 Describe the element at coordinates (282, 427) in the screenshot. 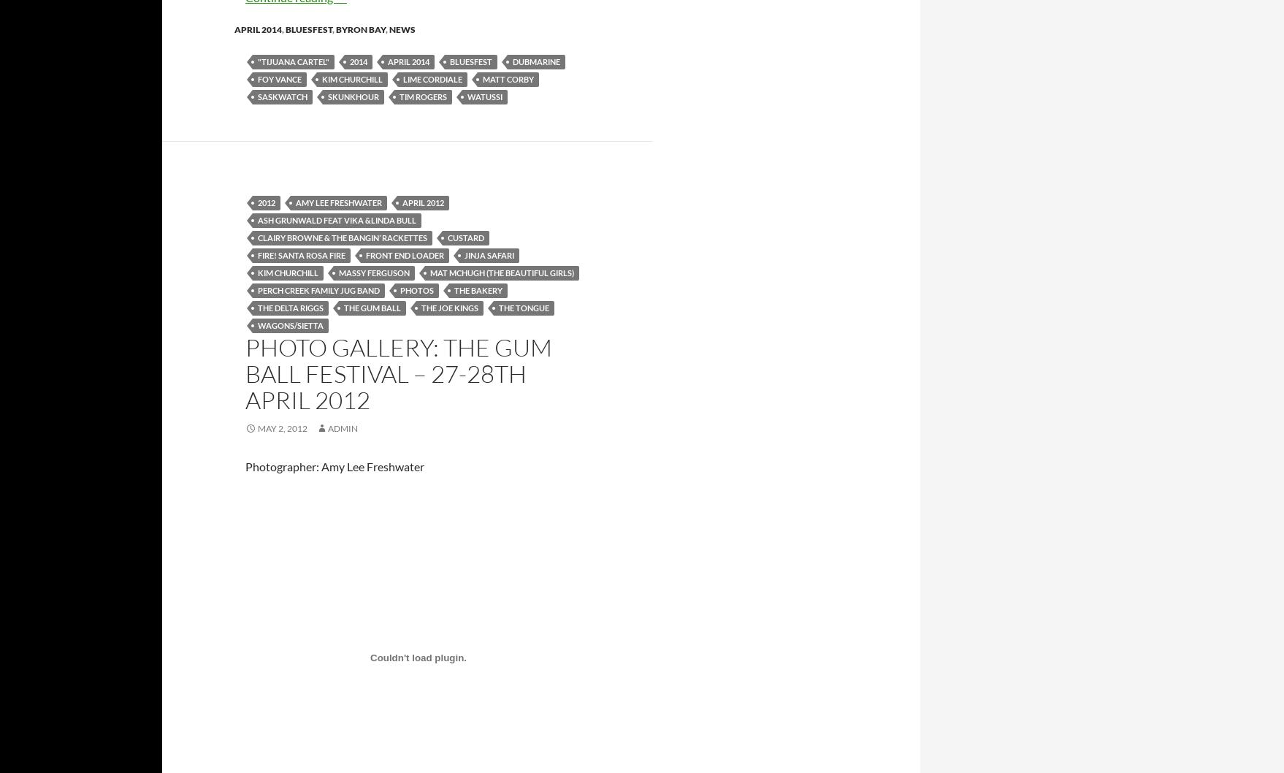

I see `'May 2, 2012'` at that location.